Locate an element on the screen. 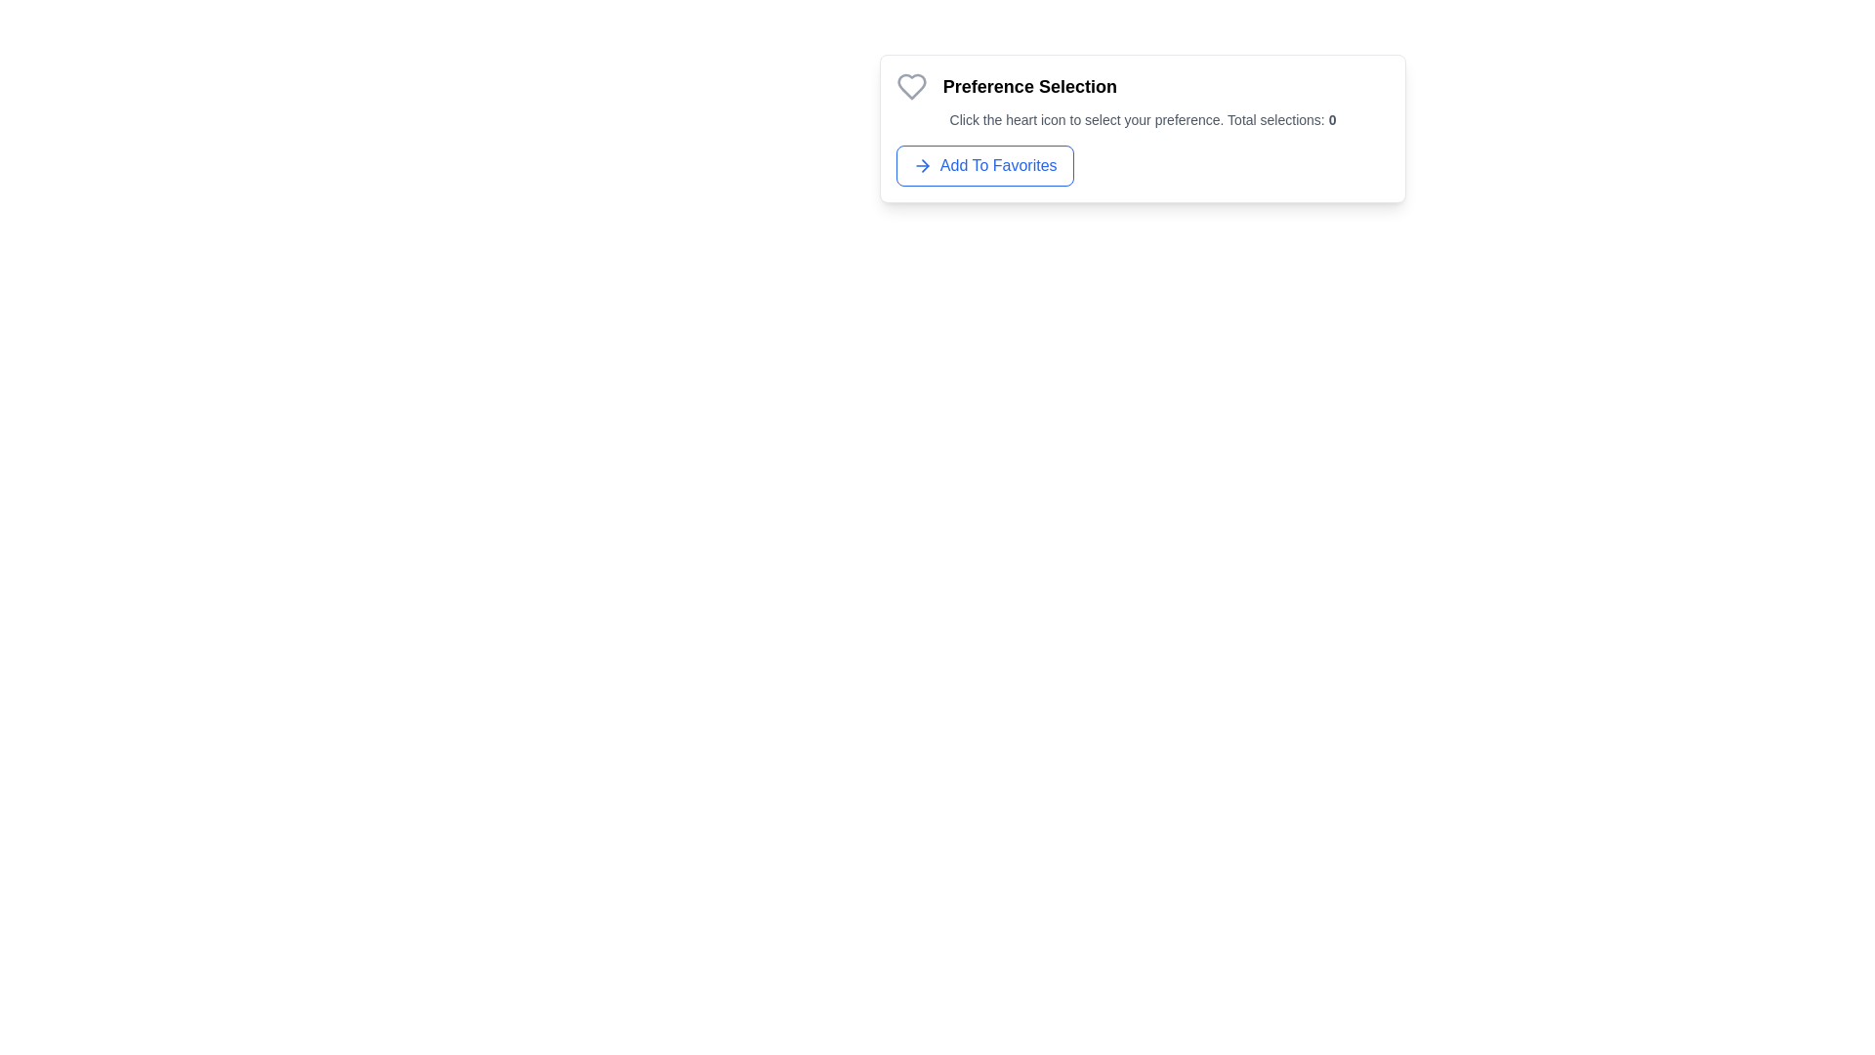 This screenshot has width=1875, height=1055. the heart icon located to the left of the 'Preference Selection' text to indicate a preference is located at coordinates (910, 85).